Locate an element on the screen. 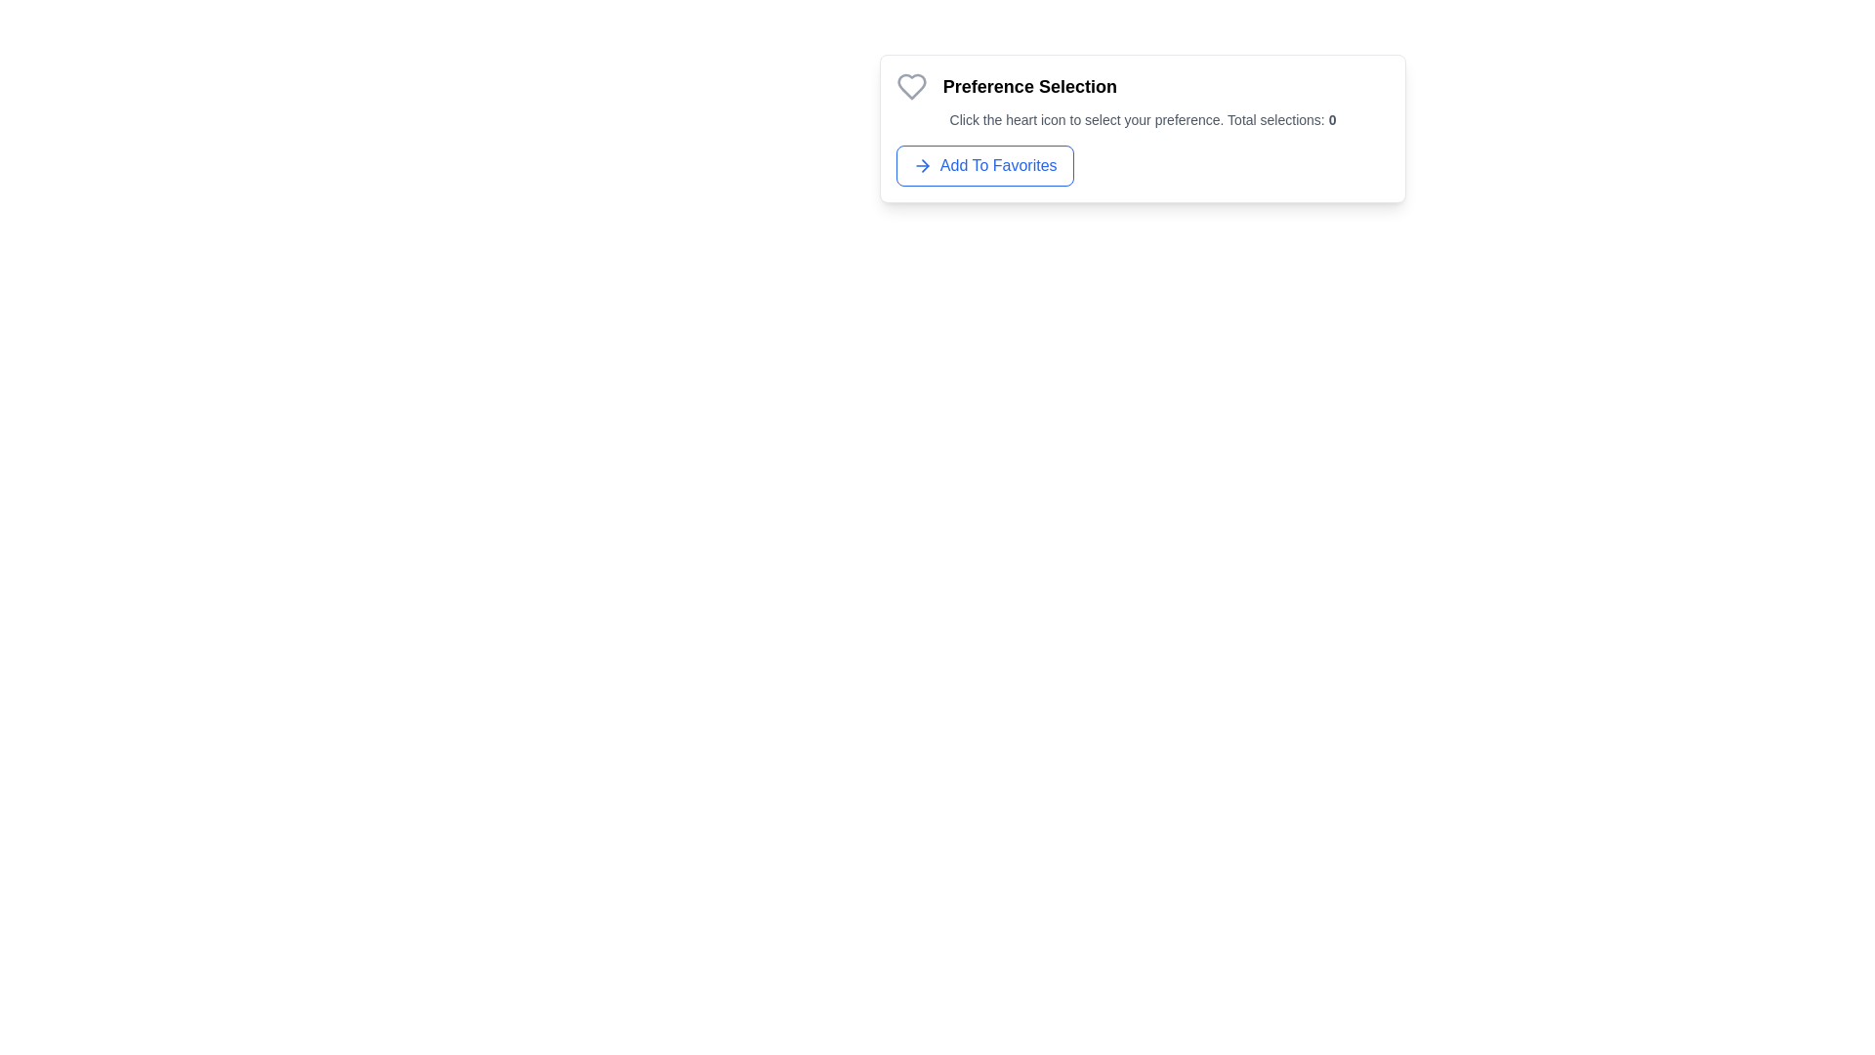 This screenshot has width=1875, height=1055. the heart icon located to the left of the 'Preference Selection' text to indicate a preference is located at coordinates (910, 85).